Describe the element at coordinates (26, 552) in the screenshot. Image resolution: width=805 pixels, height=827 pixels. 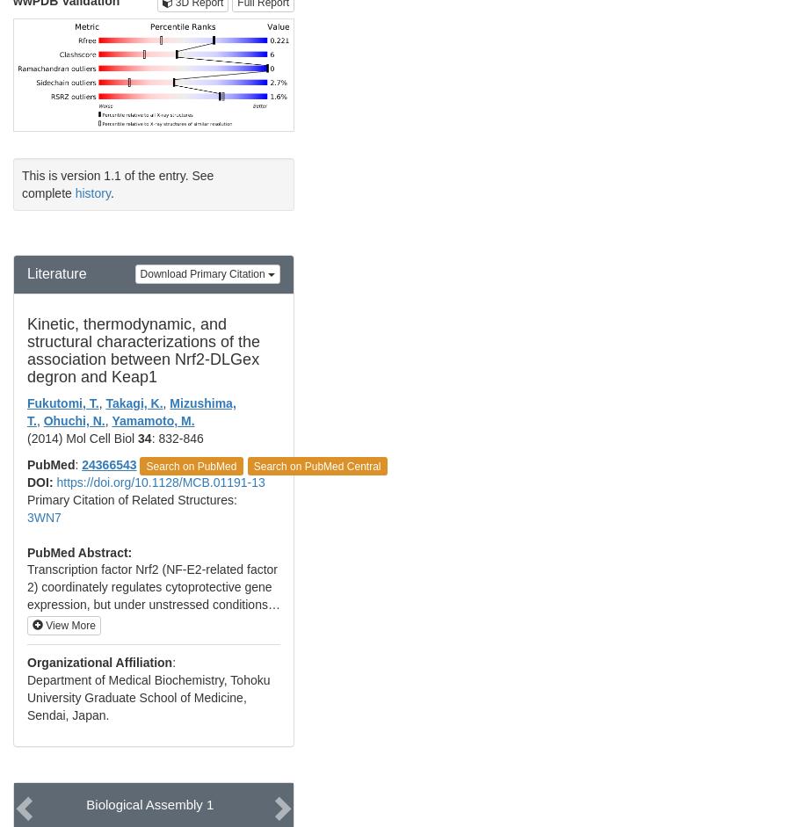
I see `'PubMed Abstract:'` at that location.